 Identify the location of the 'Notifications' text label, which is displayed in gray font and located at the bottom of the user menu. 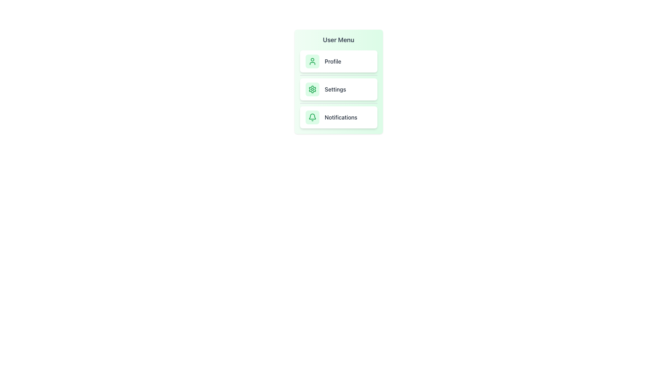
(341, 117).